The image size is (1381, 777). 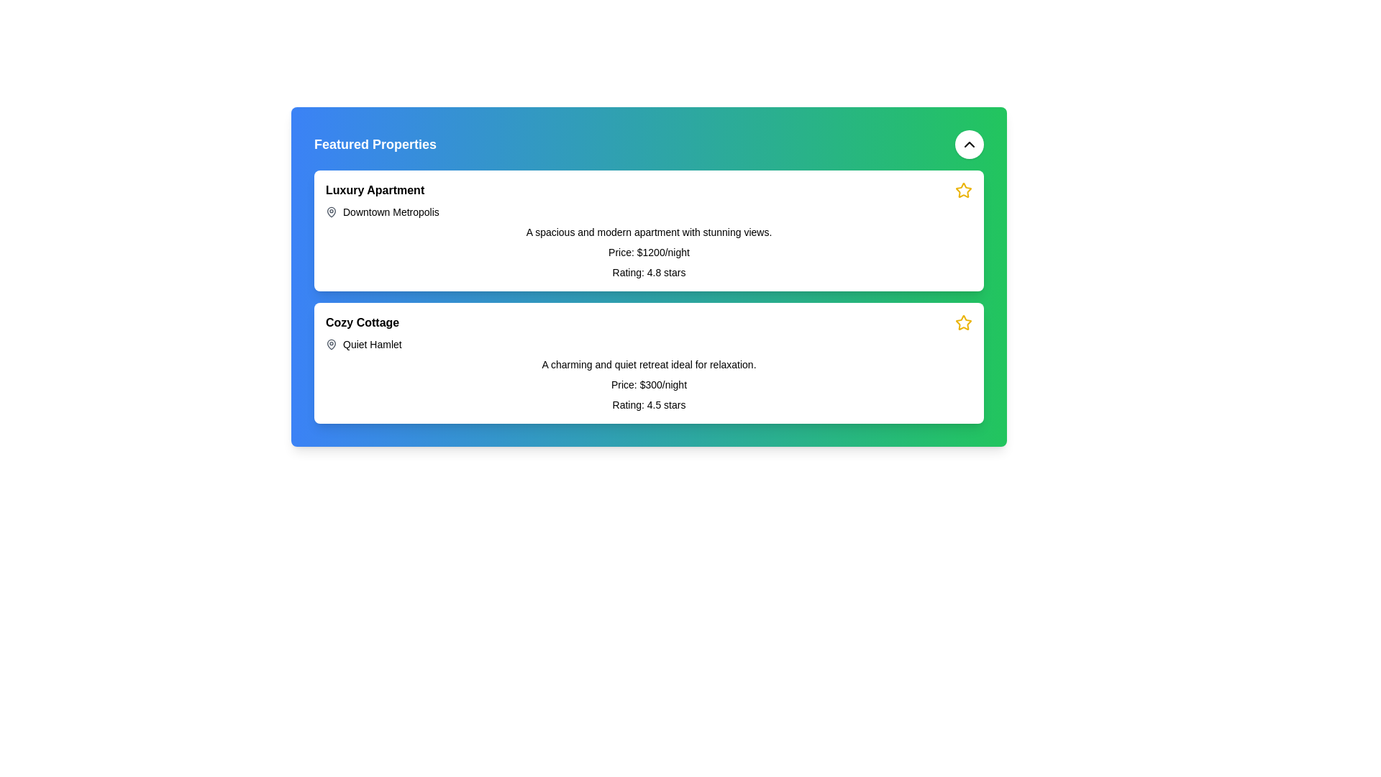 What do you see at coordinates (391, 212) in the screenshot?
I see `the Text Label that serves as the location descriptor for the 'Luxury Apartment' property, which is located to the right of a map pin icon and directly beneath the property title` at bounding box center [391, 212].